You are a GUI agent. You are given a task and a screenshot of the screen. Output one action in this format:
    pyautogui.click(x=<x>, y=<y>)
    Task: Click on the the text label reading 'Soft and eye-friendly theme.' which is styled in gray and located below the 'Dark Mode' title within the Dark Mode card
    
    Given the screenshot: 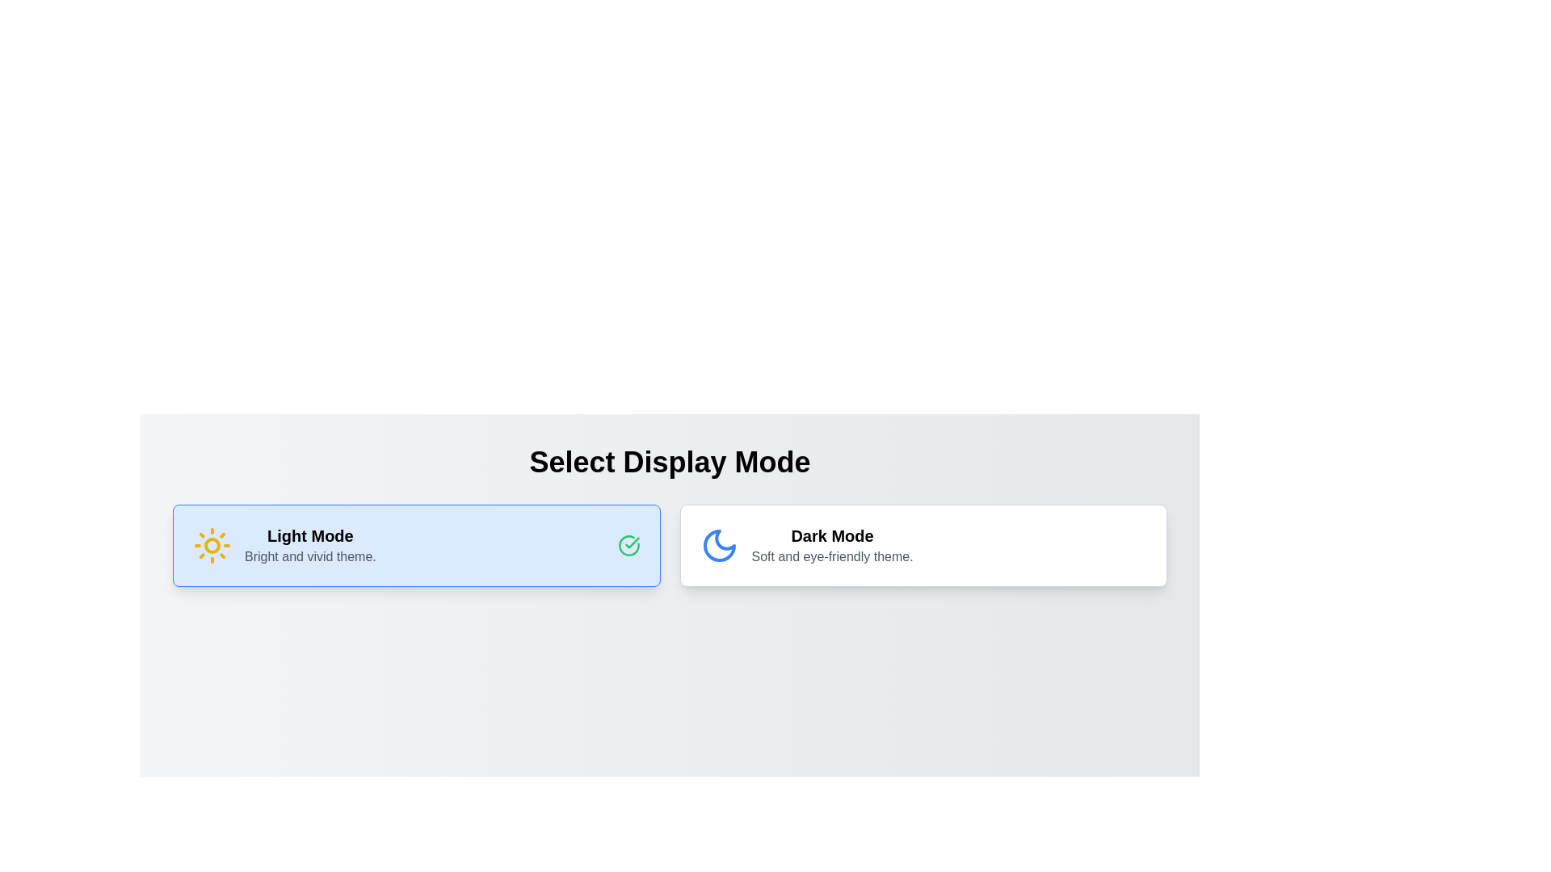 What is the action you would take?
    pyautogui.click(x=832, y=556)
    